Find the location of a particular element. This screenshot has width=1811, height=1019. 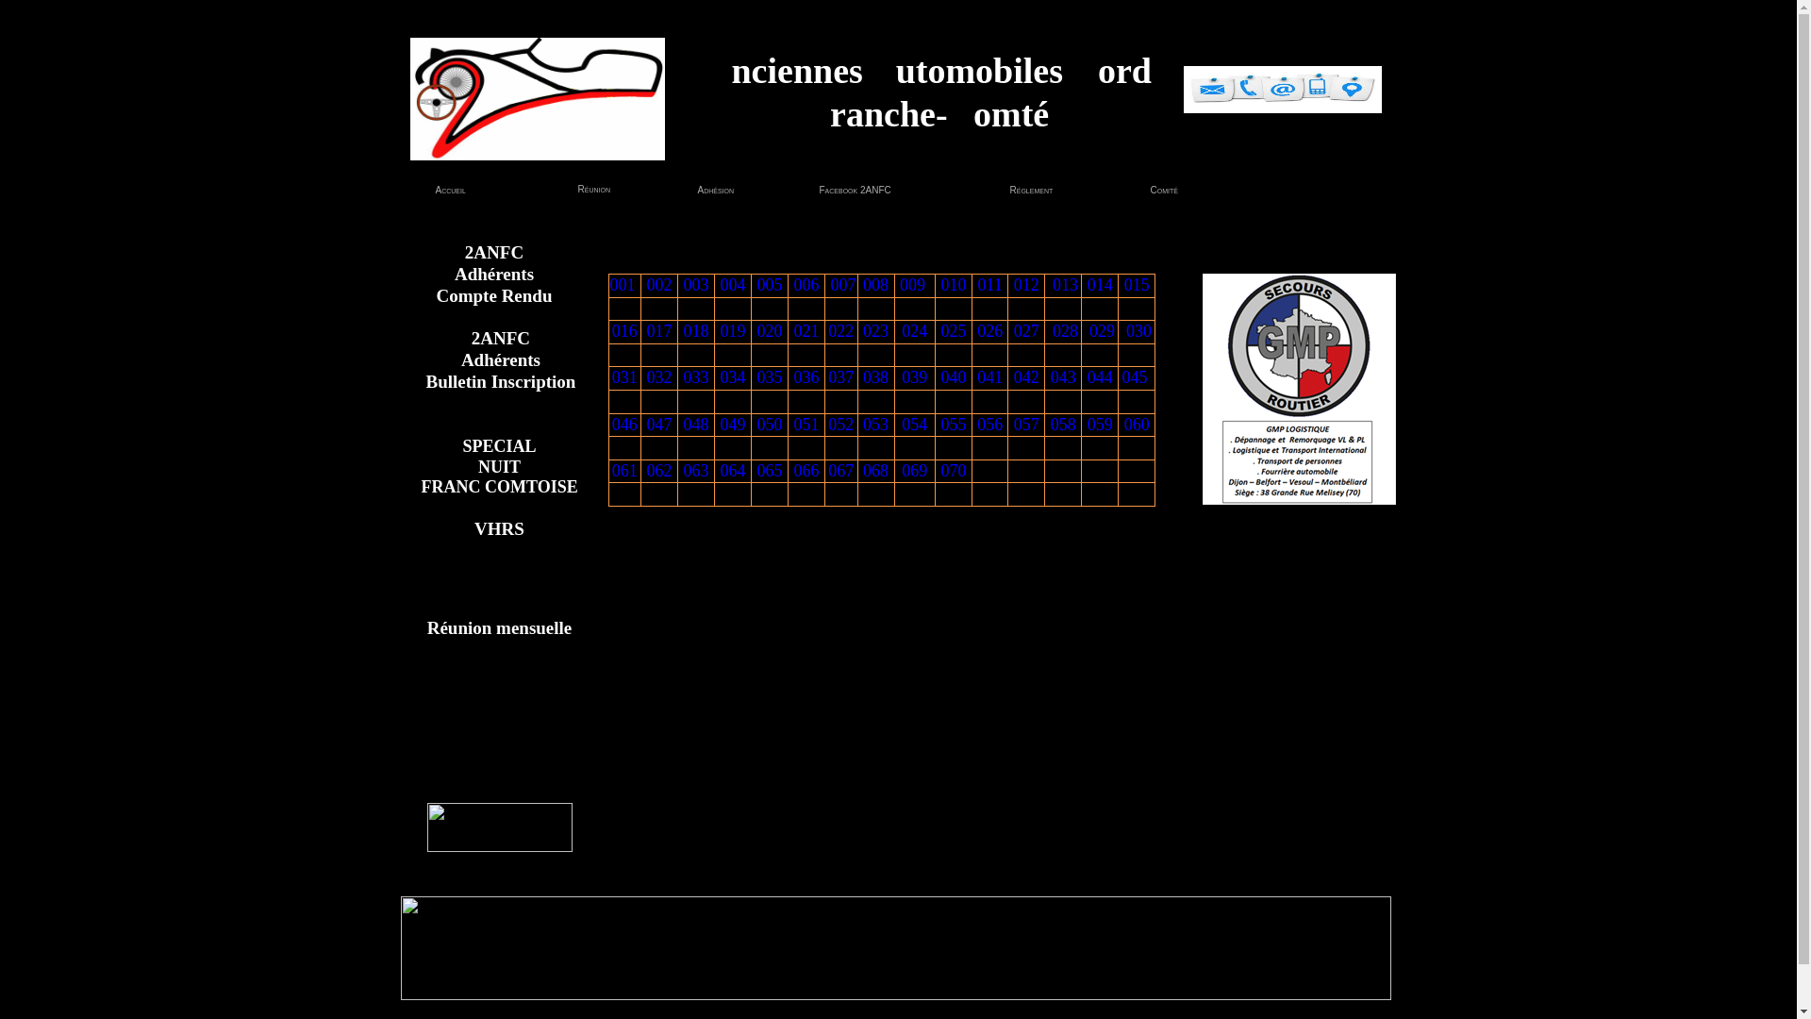

'057' is located at coordinates (1025, 425).